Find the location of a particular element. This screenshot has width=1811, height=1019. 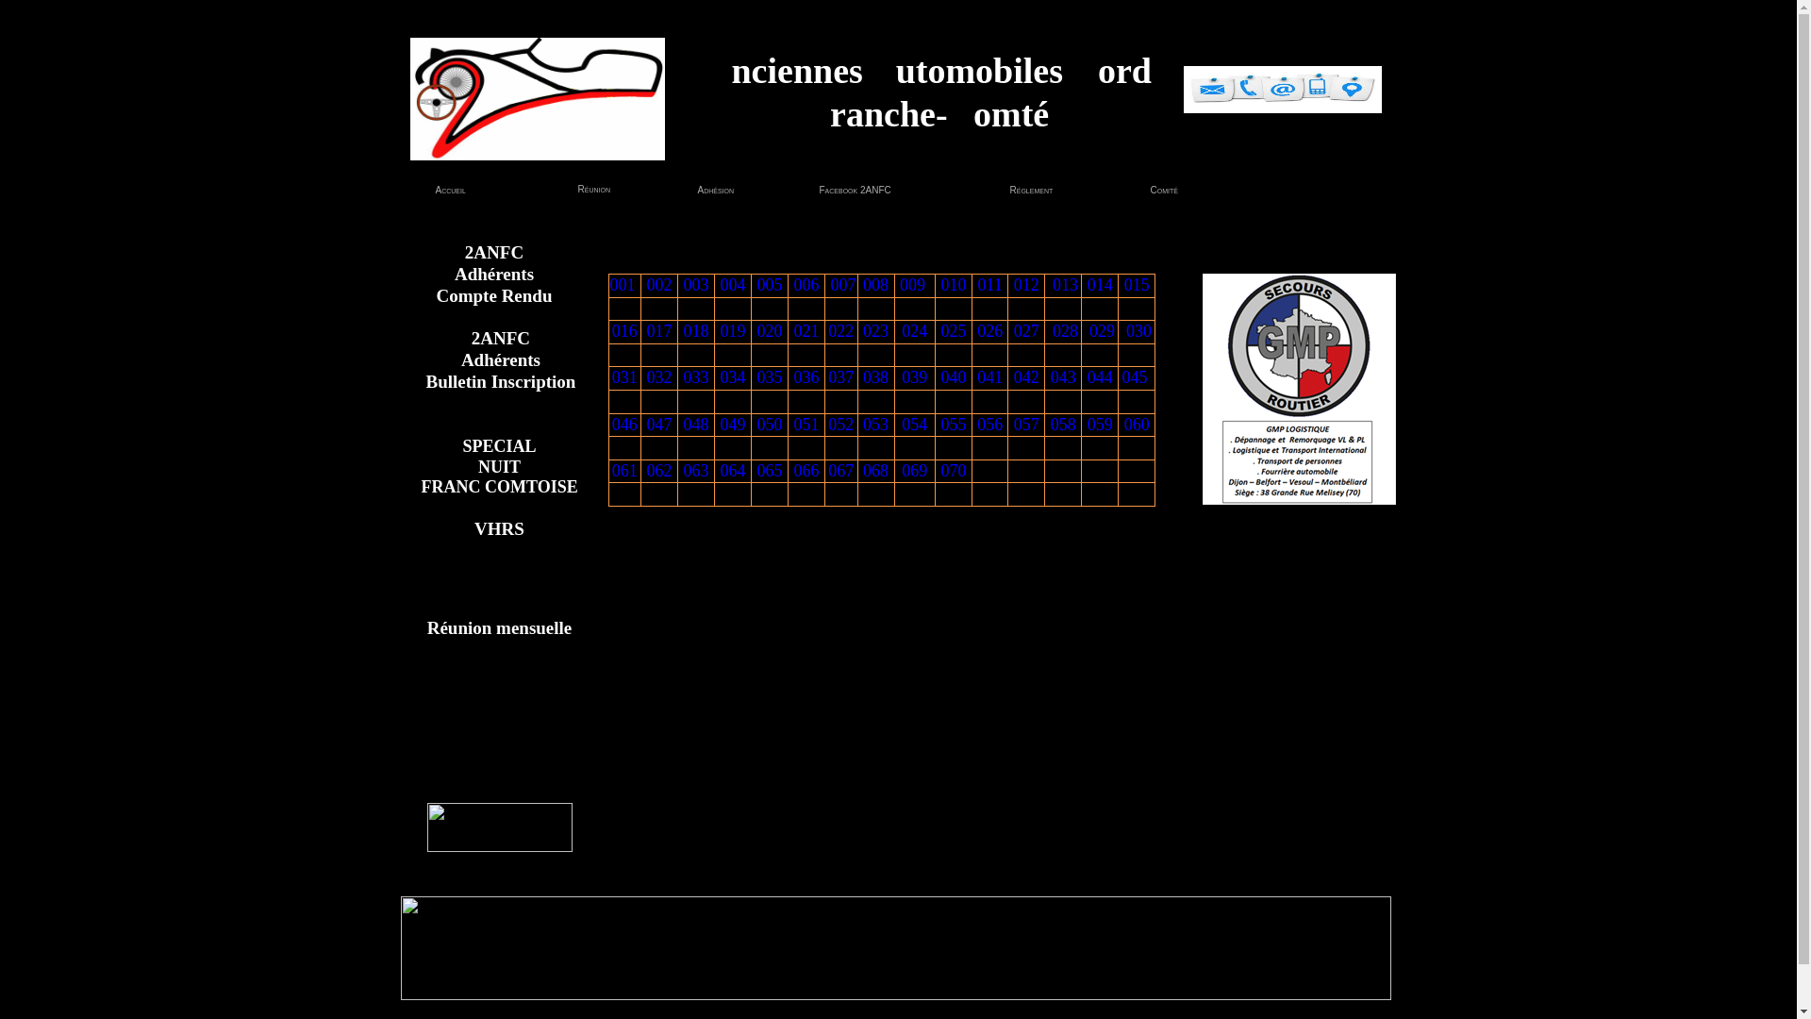

'057' is located at coordinates (1025, 425).